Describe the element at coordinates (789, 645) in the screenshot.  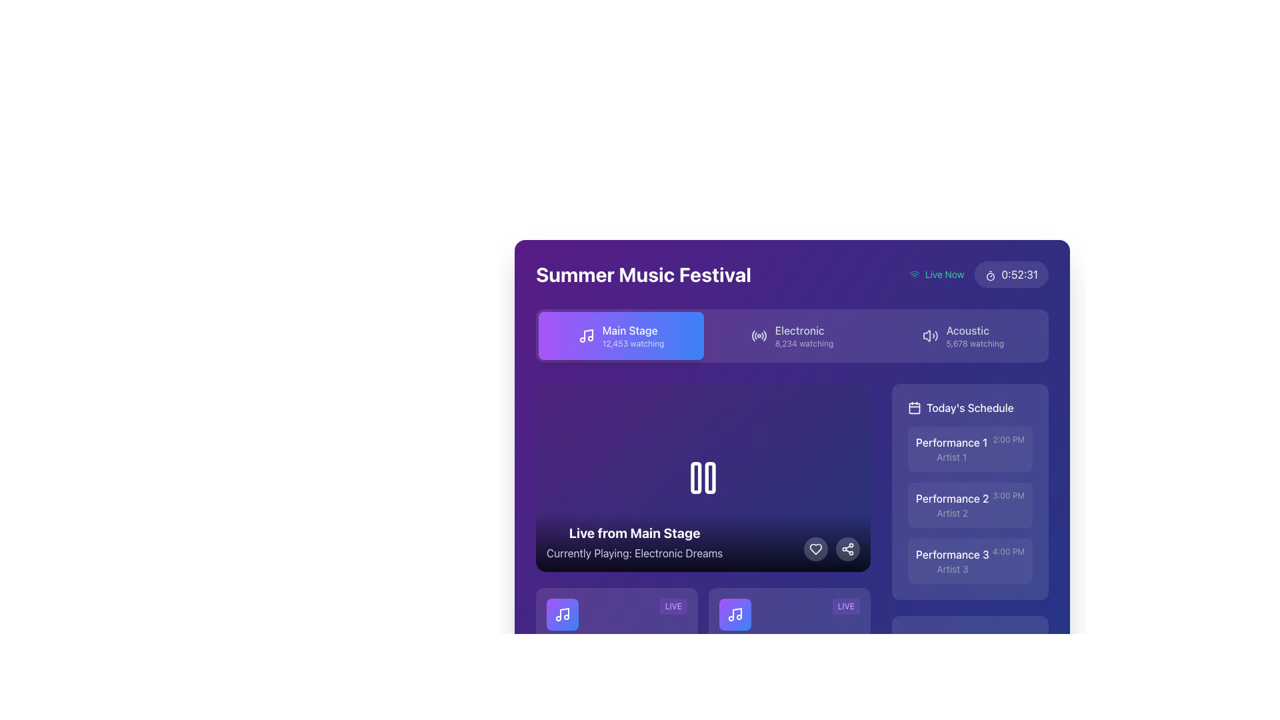
I see `information displayed on the second Information card about the live performance by the artist, located in the bottom section of the interface` at that location.